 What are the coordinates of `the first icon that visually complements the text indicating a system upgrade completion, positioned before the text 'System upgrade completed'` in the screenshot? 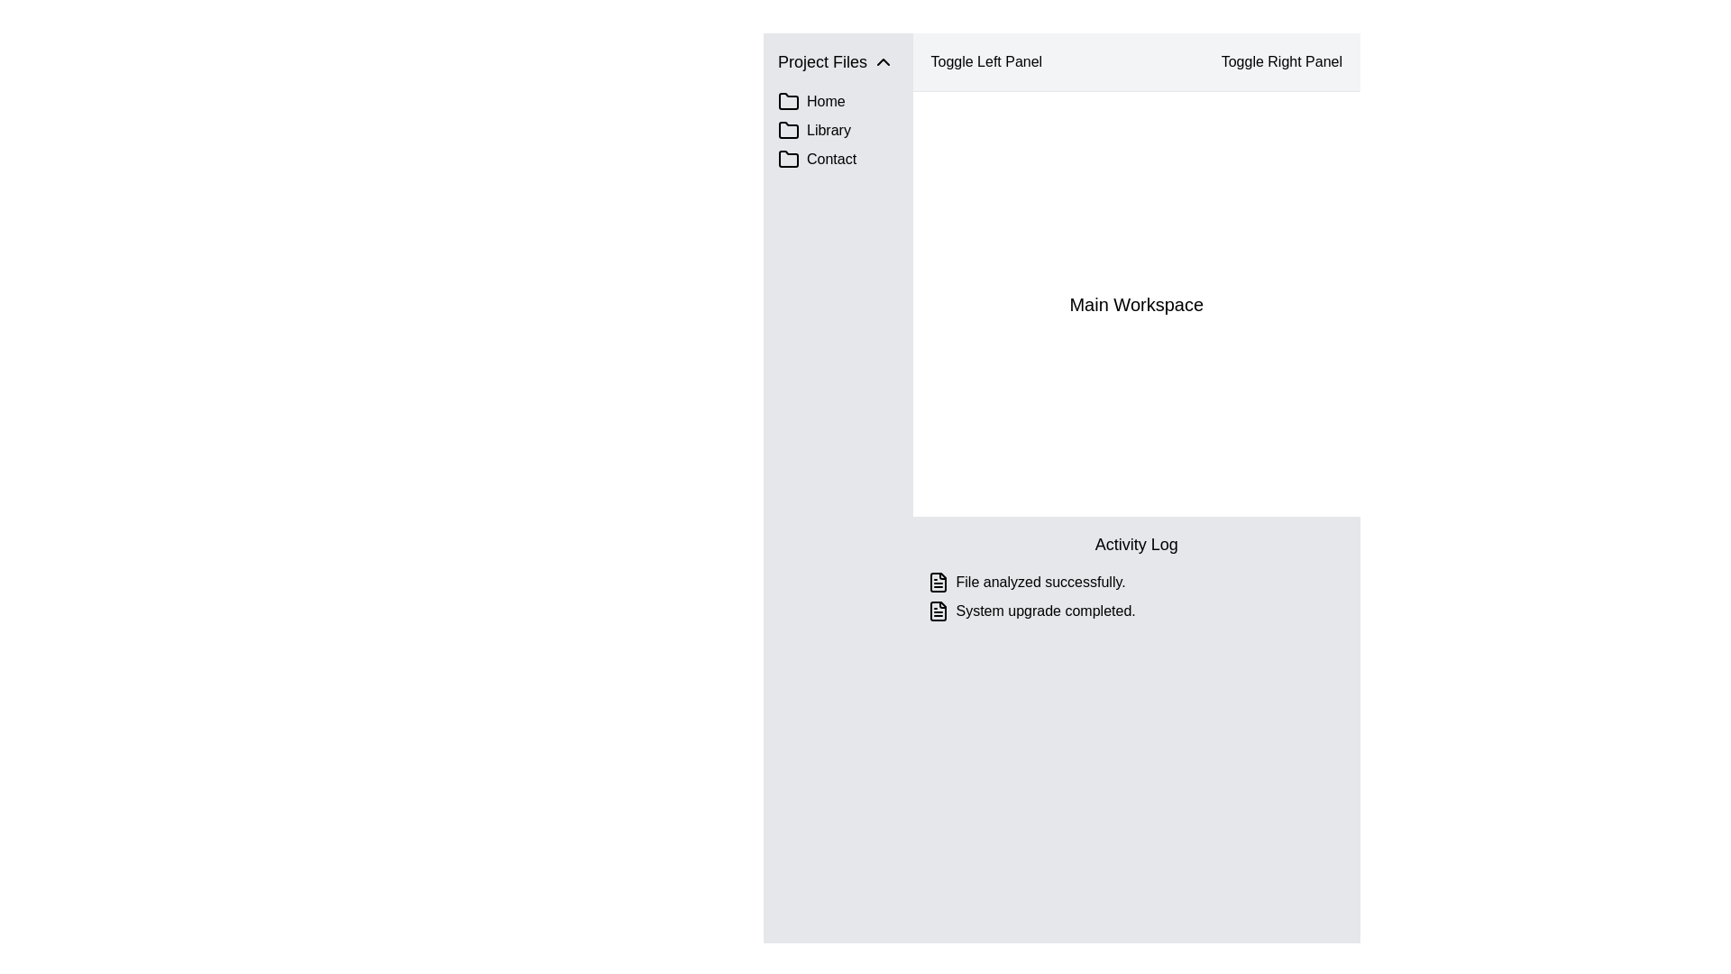 It's located at (938, 611).